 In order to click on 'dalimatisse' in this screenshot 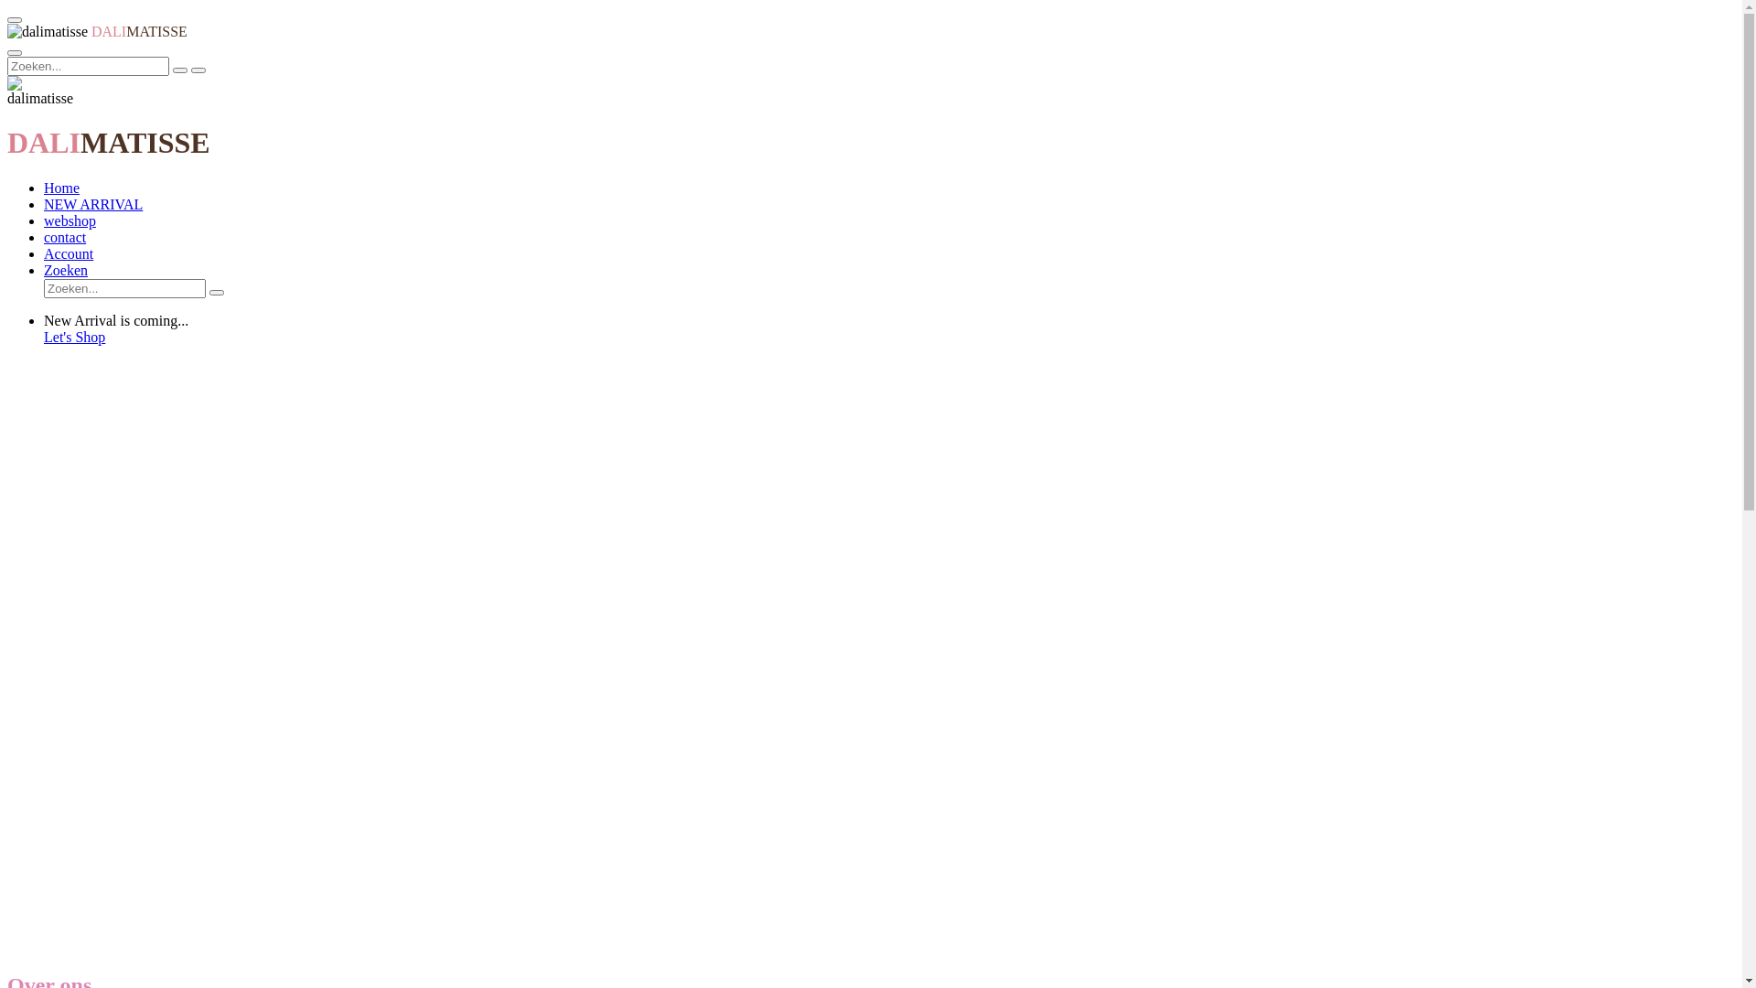, I will do `click(48, 31)`.